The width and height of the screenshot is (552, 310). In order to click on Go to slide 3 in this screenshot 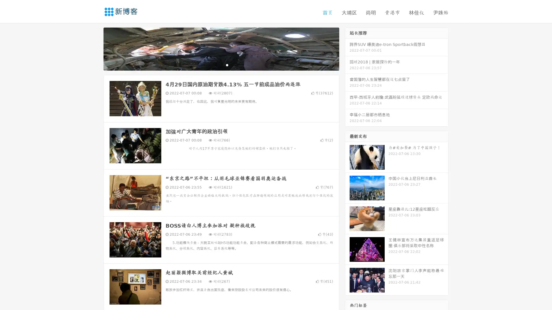, I will do `click(227, 65)`.